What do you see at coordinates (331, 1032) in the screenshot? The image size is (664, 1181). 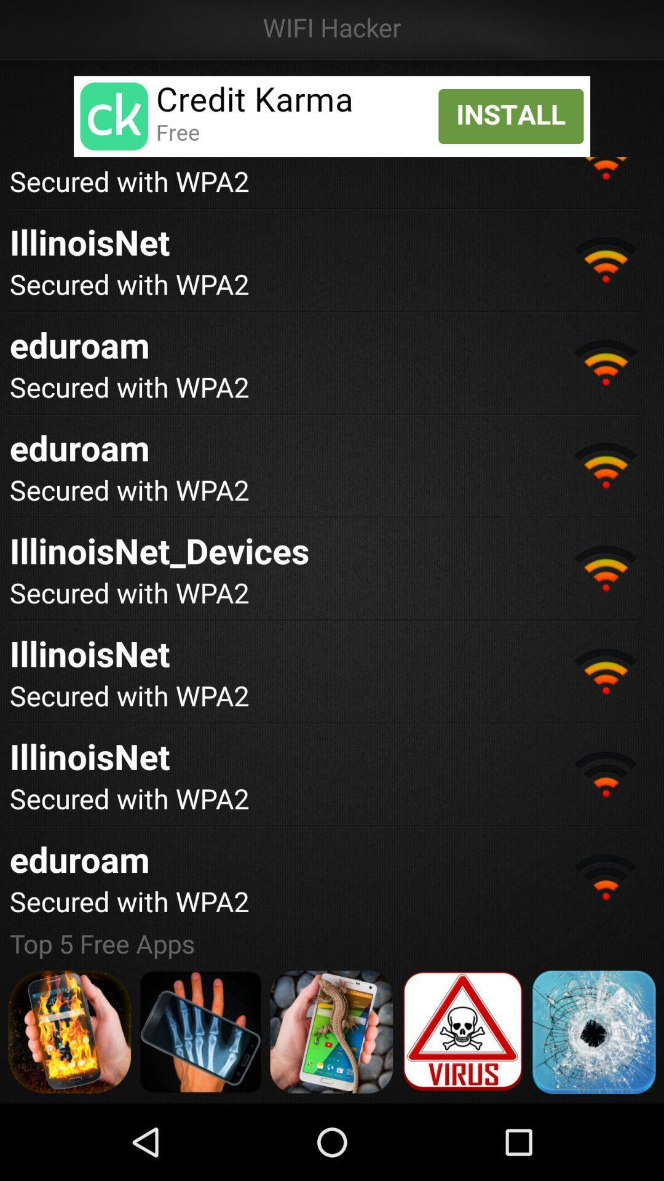 I see `button` at bounding box center [331, 1032].